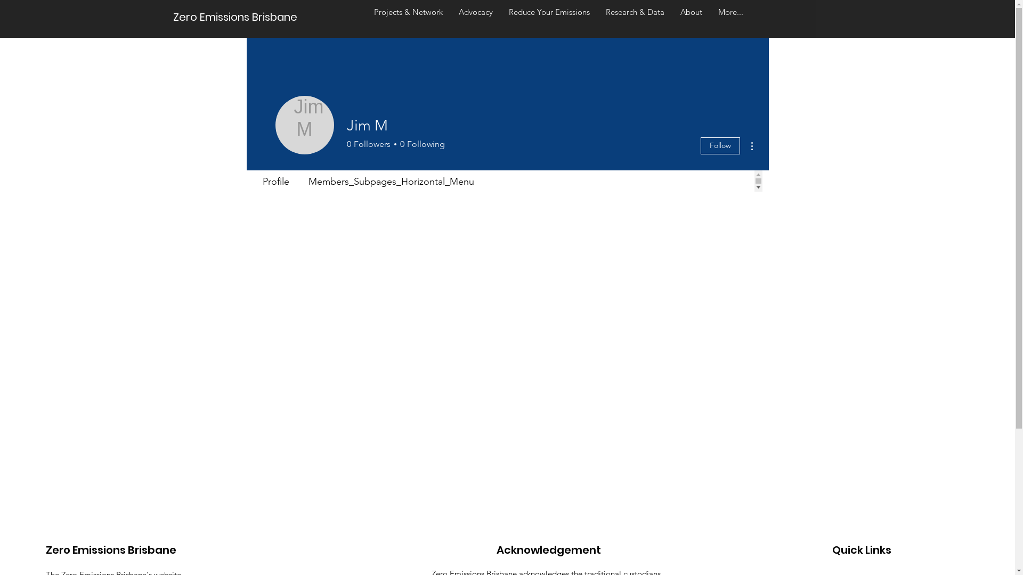 The image size is (1023, 575). Describe the element at coordinates (691, 17) in the screenshot. I see `'About'` at that location.